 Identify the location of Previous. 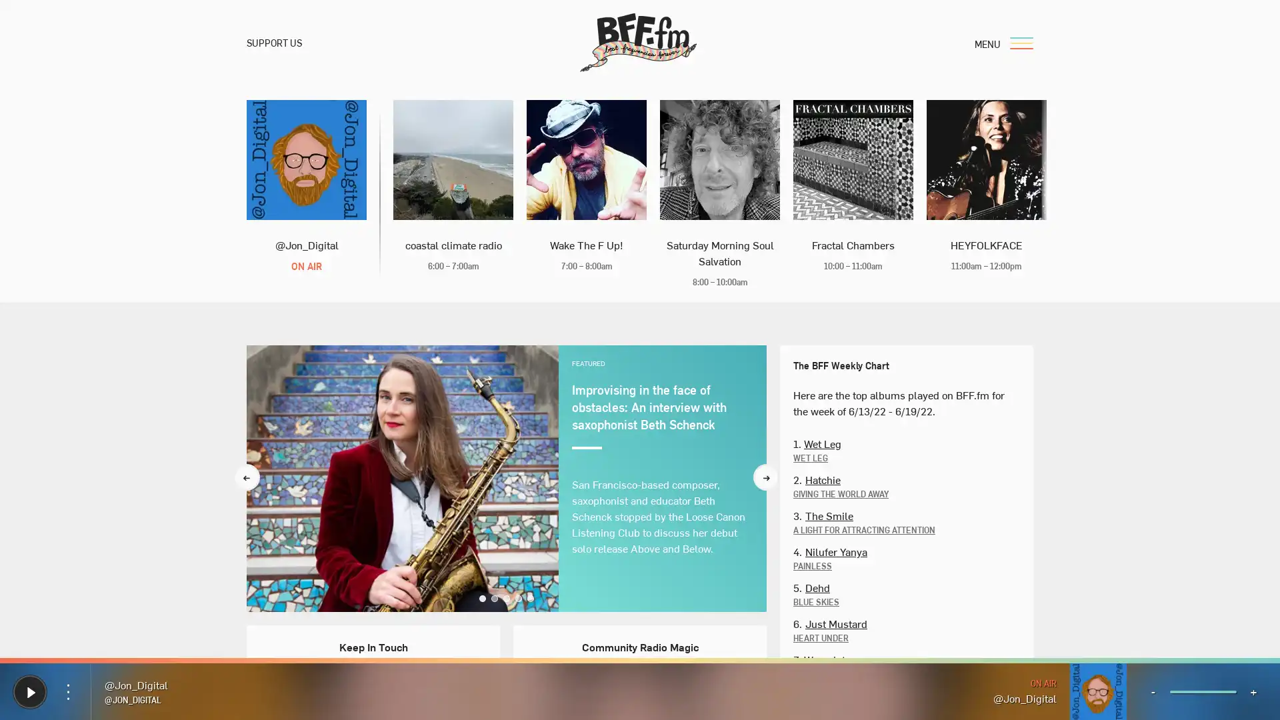
(246, 477).